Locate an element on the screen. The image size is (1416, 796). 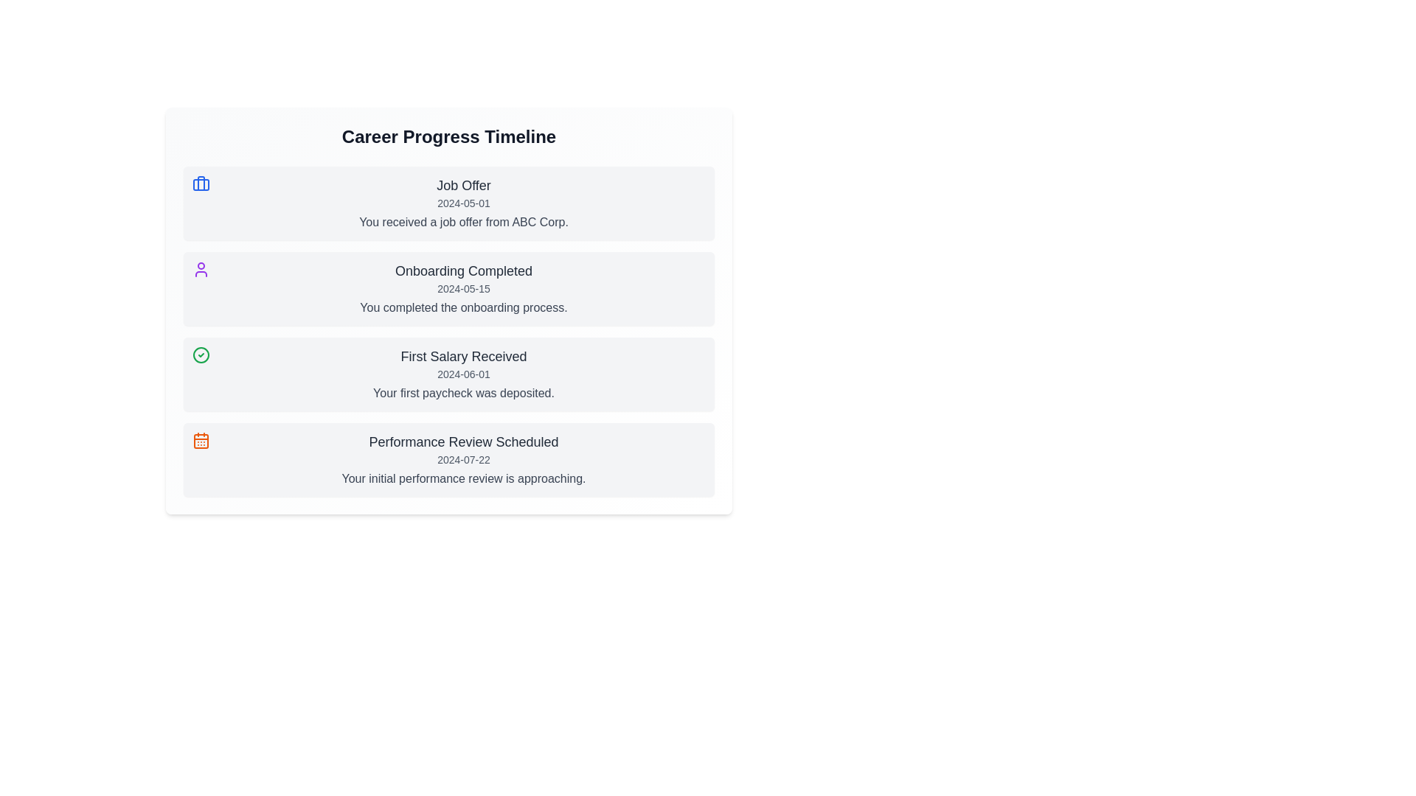
the 'Job Offer' title header in the first entry of the 'Career Progress Timeline' to read its content is located at coordinates (462, 184).